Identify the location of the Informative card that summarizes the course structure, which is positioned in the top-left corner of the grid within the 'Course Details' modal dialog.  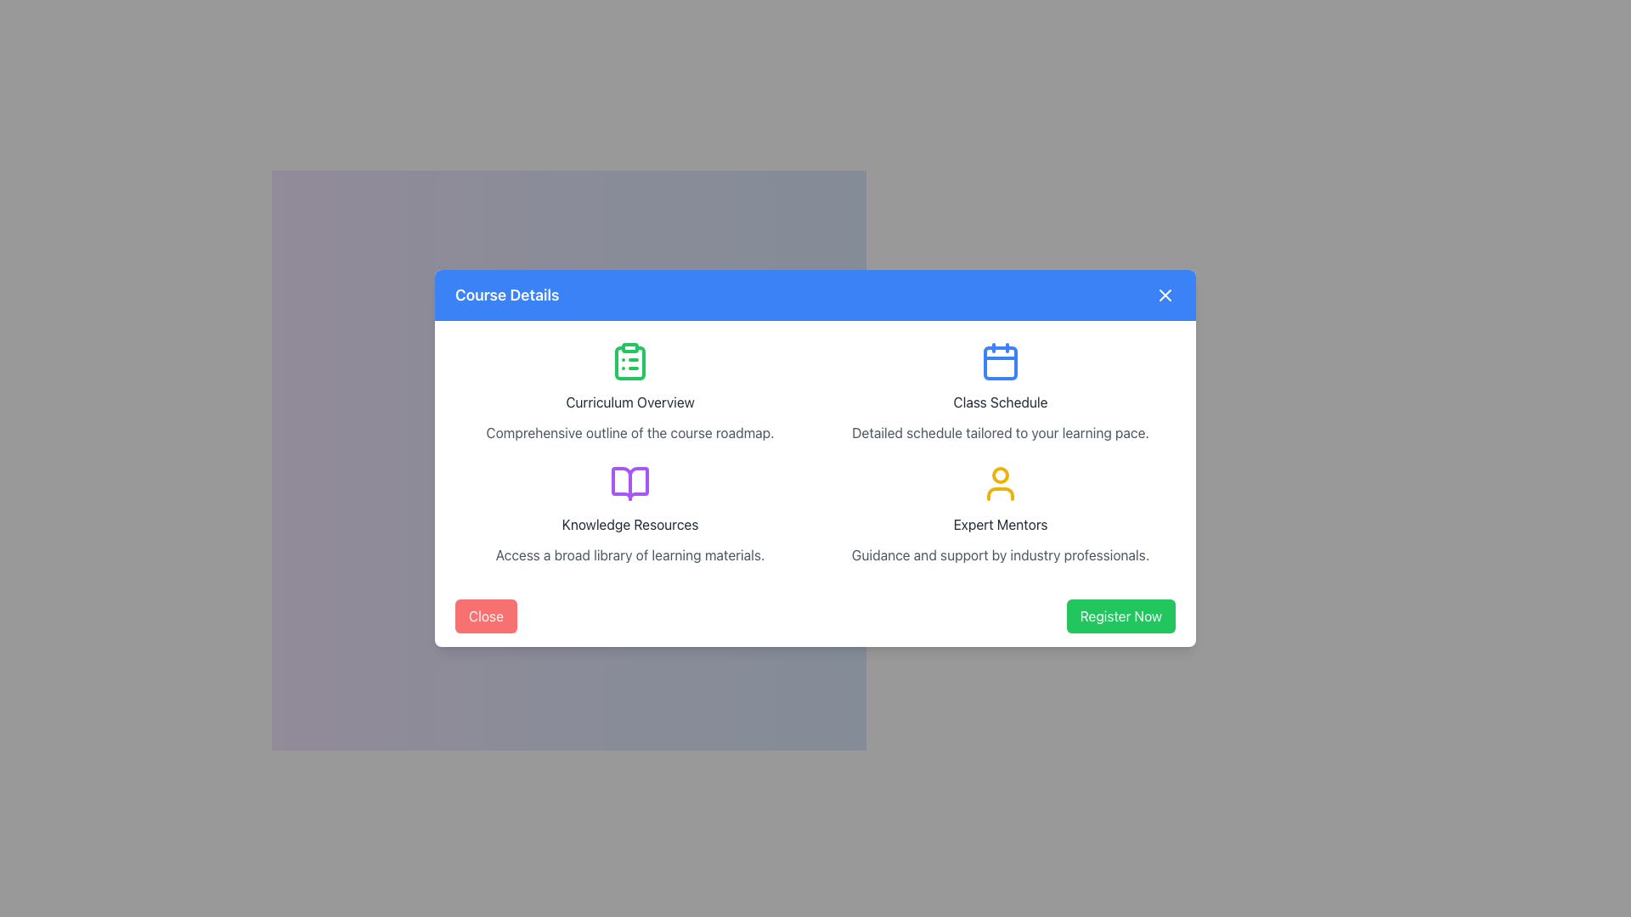
(629, 392).